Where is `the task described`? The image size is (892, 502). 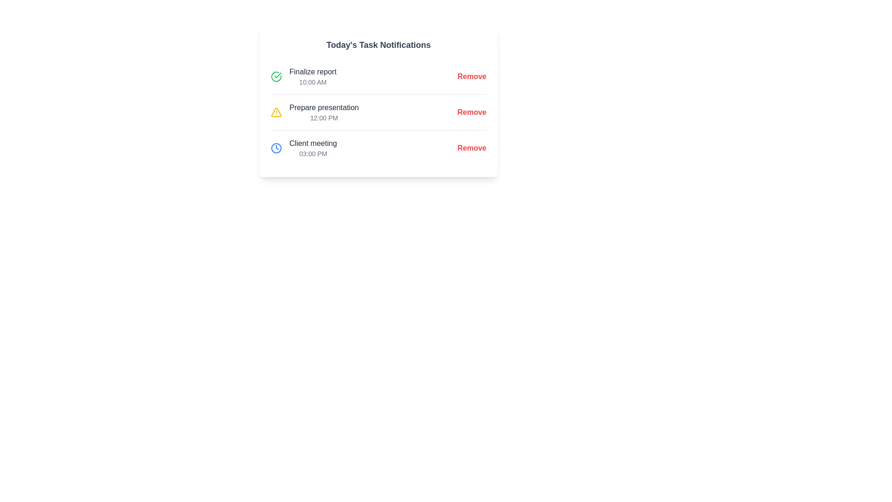
the task described is located at coordinates (313, 71).